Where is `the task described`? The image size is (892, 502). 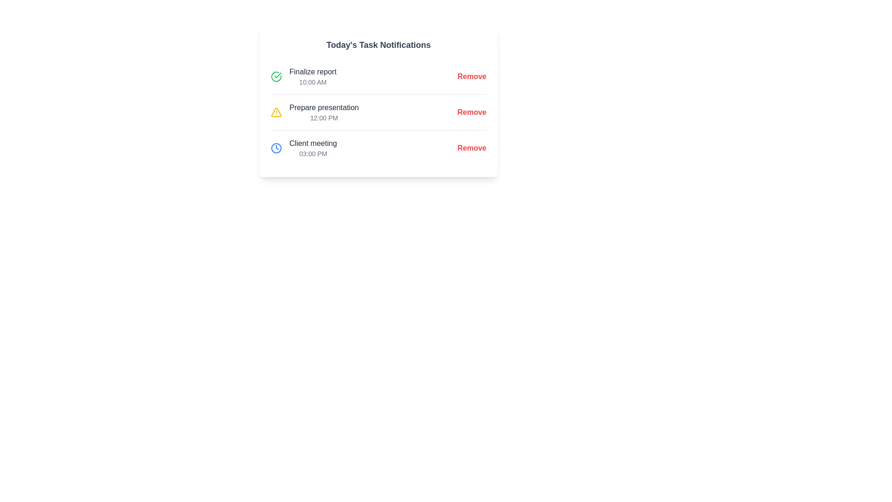
the task described is located at coordinates (313, 71).